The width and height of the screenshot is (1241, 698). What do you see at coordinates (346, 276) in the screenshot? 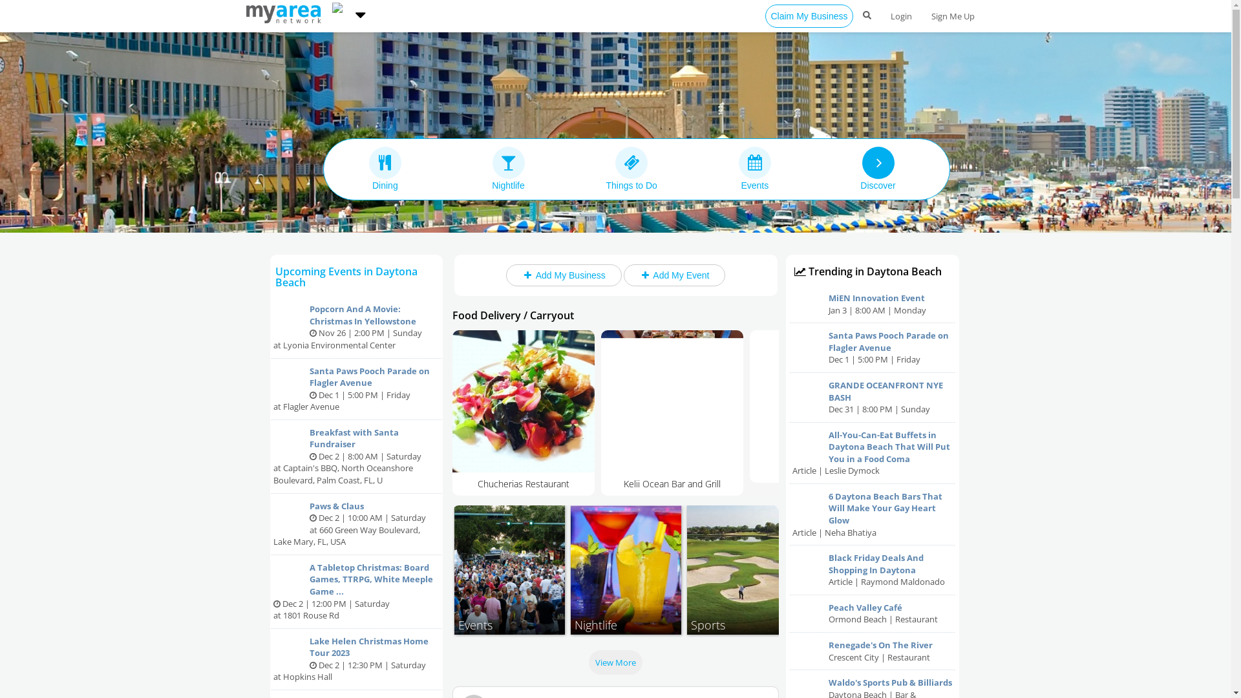
I see `'Upcoming Events in Daytona Beach'` at bounding box center [346, 276].